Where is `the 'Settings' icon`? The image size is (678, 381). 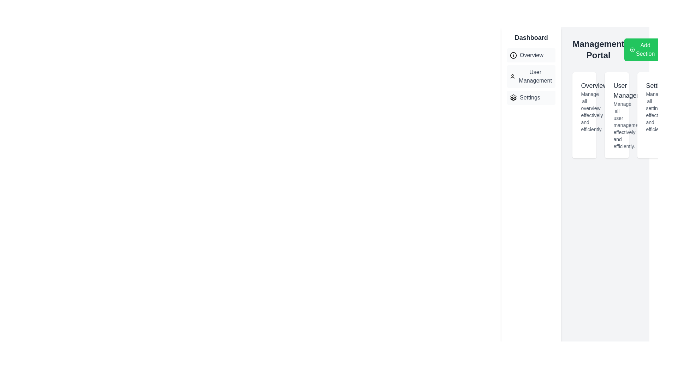 the 'Settings' icon is located at coordinates (513, 98).